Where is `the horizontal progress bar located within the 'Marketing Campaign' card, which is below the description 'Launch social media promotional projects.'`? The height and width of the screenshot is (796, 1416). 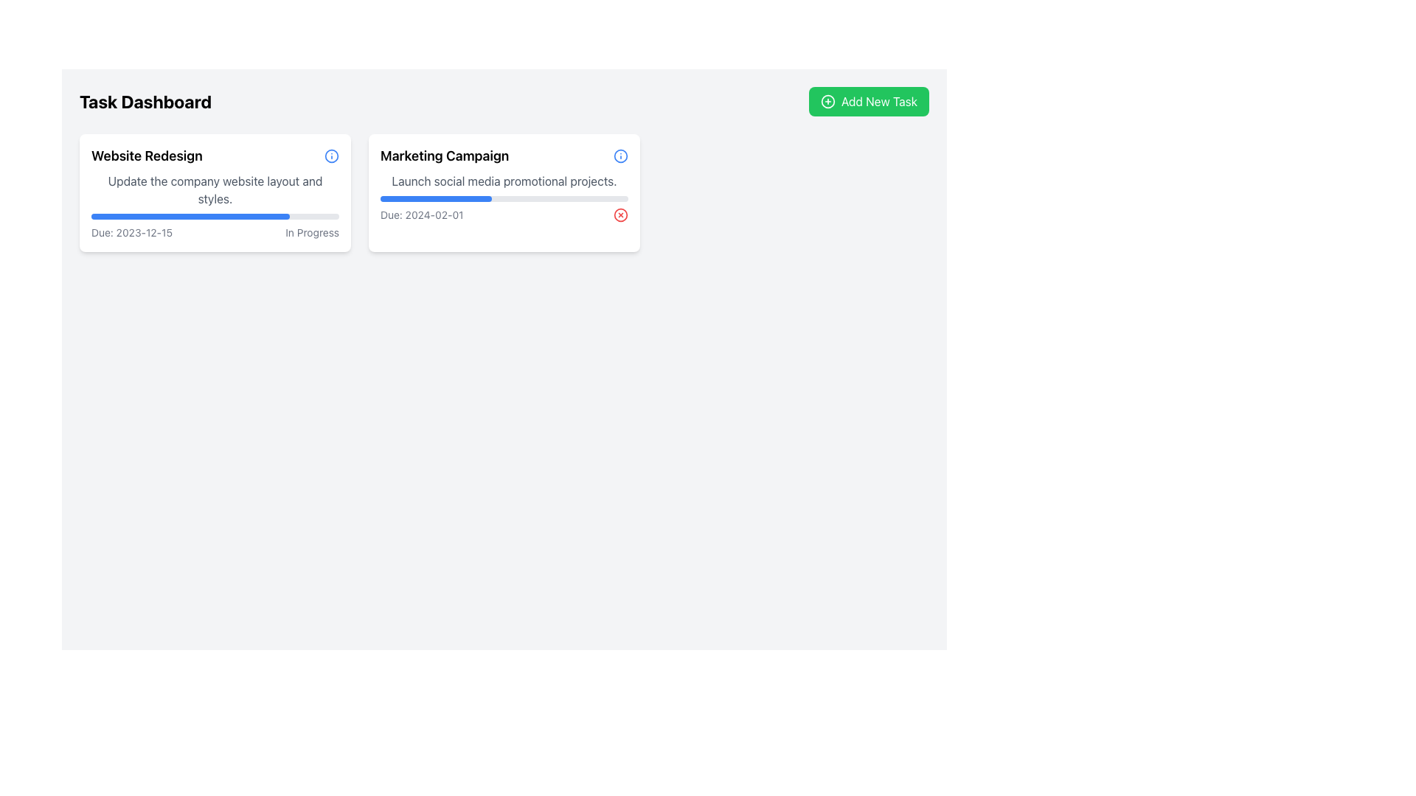
the horizontal progress bar located within the 'Marketing Campaign' card, which is below the description 'Launch social media promotional projects.' is located at coordinates (504, 199).